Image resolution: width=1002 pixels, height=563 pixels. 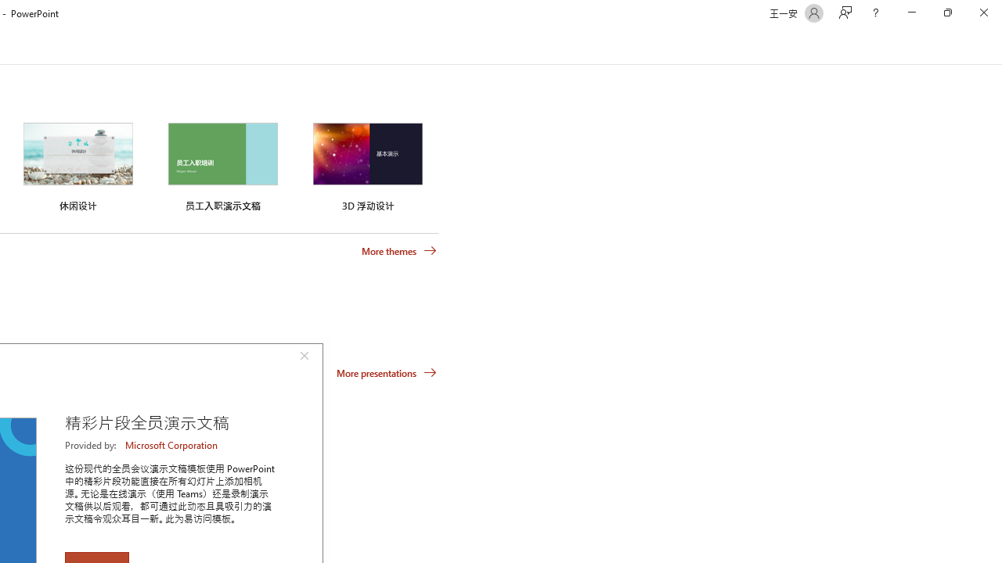 What do you see at coordinates (387, 373) in the screenshot?
I see `'More presentations'` at bounding box center [387, 373].